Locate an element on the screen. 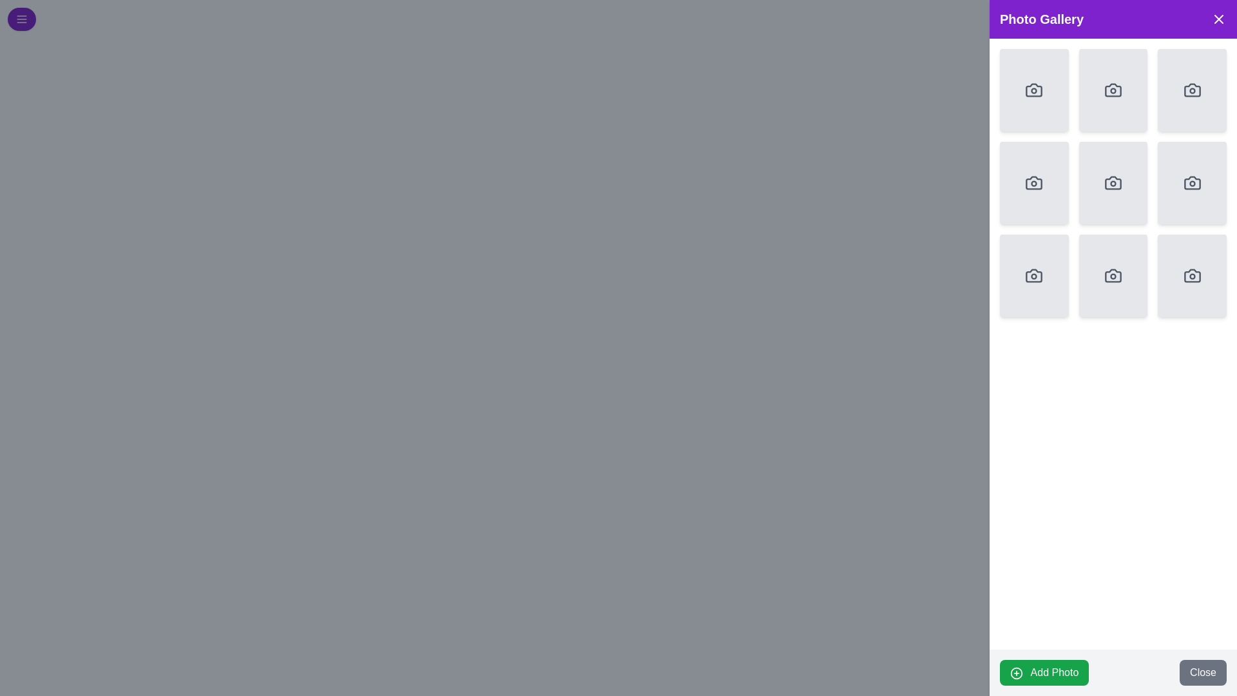  the camera icon, which is a line drawing symbolizing the action of adding or capturing a photo, located in the central column of the photo gallery grid, specifically in the middle row as the second item is located at coordinates (1113, 275).